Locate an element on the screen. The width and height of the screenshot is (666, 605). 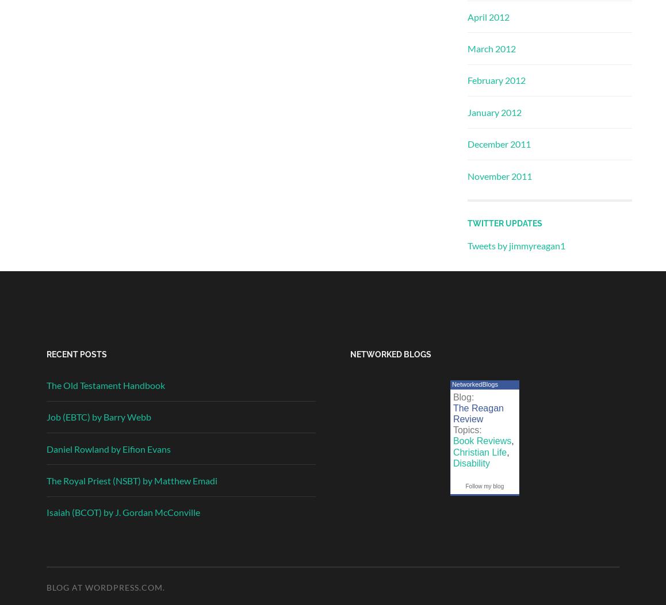
'The Reagan Review' is located at coordinates (477, 413).